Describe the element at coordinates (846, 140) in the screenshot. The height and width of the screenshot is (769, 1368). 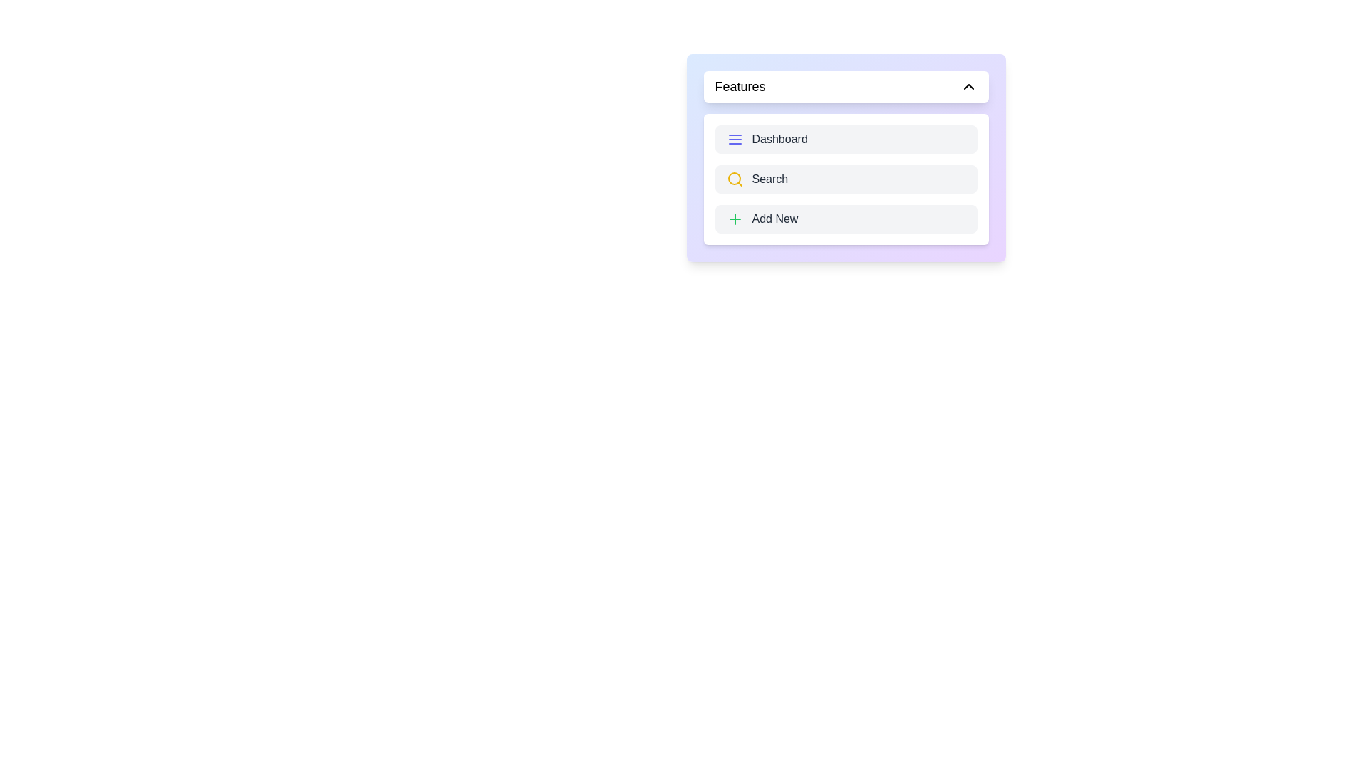
I see `the 'Dashboard' button to navigate to the Dashboard` at that location.